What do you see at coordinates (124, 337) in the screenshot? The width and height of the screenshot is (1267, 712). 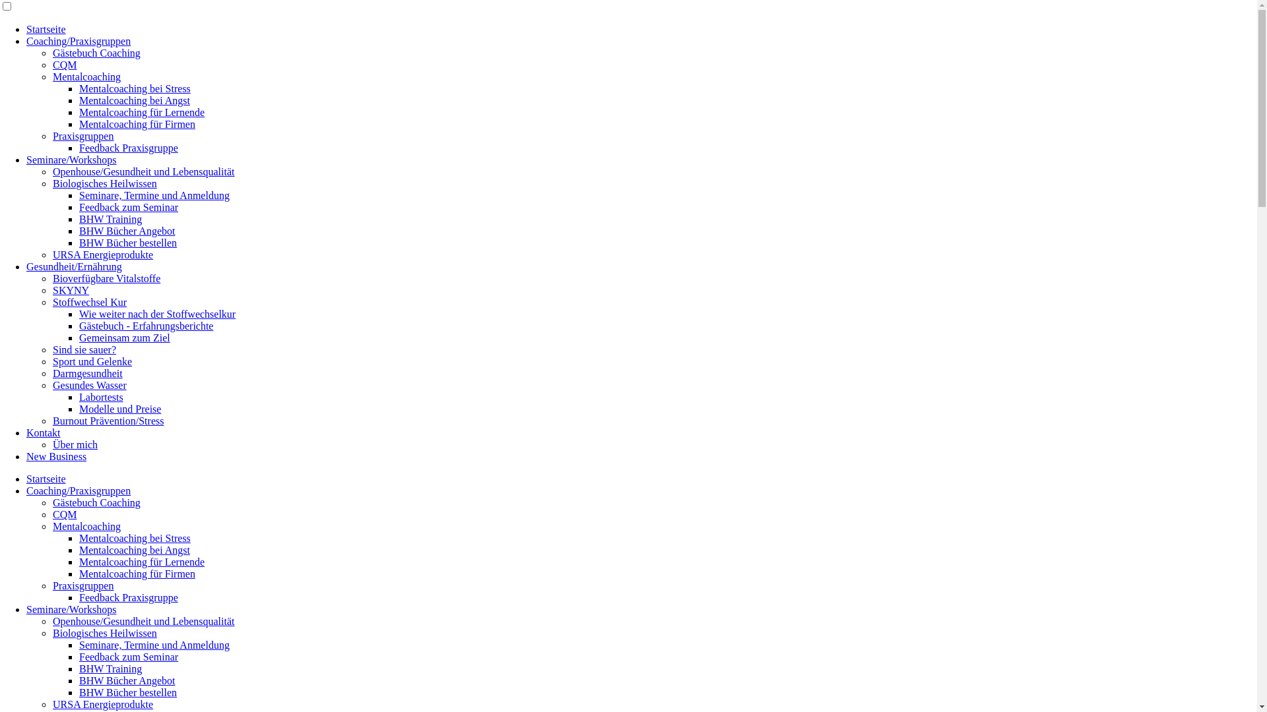 I see `'Gemeinsam zum Ziel'` at bounding box center [124, 337].